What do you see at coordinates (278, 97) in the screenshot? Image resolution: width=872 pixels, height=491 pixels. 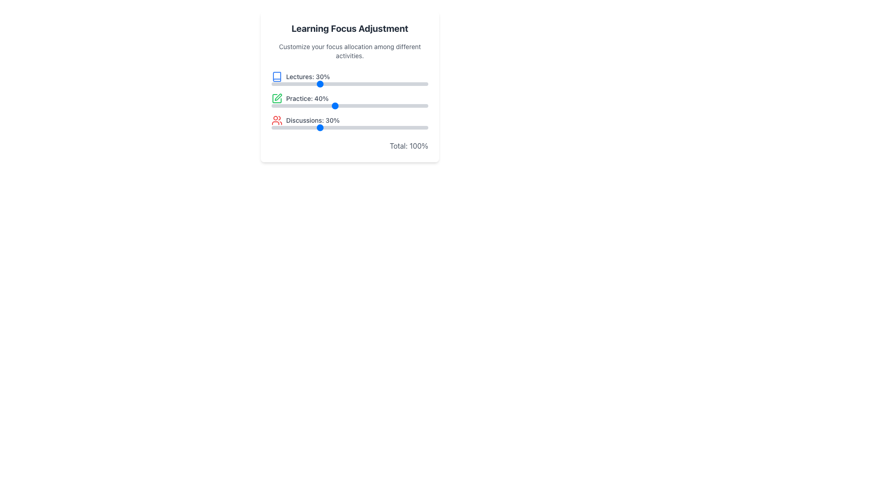 I see `the decorative SVG icon representing the action or status related to the 'Practice' entry in the activity allocation section, located slightly to the left of the 'Practice: 40%' label` at bounding box center [278, 97].